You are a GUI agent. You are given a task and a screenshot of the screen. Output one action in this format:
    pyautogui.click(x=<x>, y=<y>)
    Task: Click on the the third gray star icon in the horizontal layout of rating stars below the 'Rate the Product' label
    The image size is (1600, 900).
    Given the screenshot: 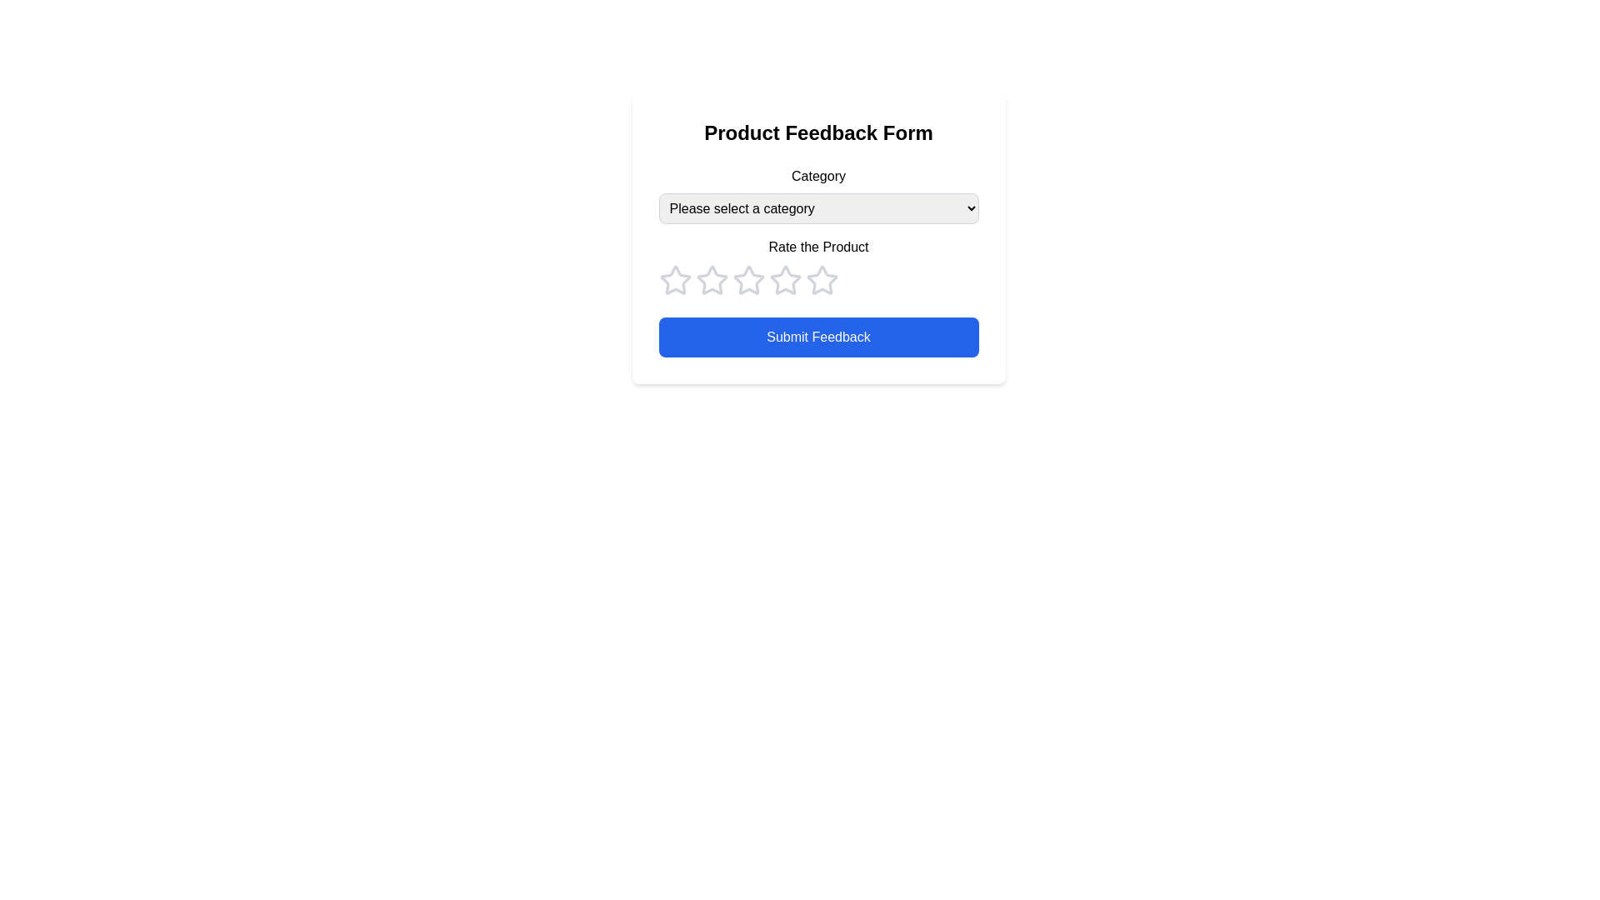 What is the action you would take?
    pyautogui.click(x=747, y=279)
    